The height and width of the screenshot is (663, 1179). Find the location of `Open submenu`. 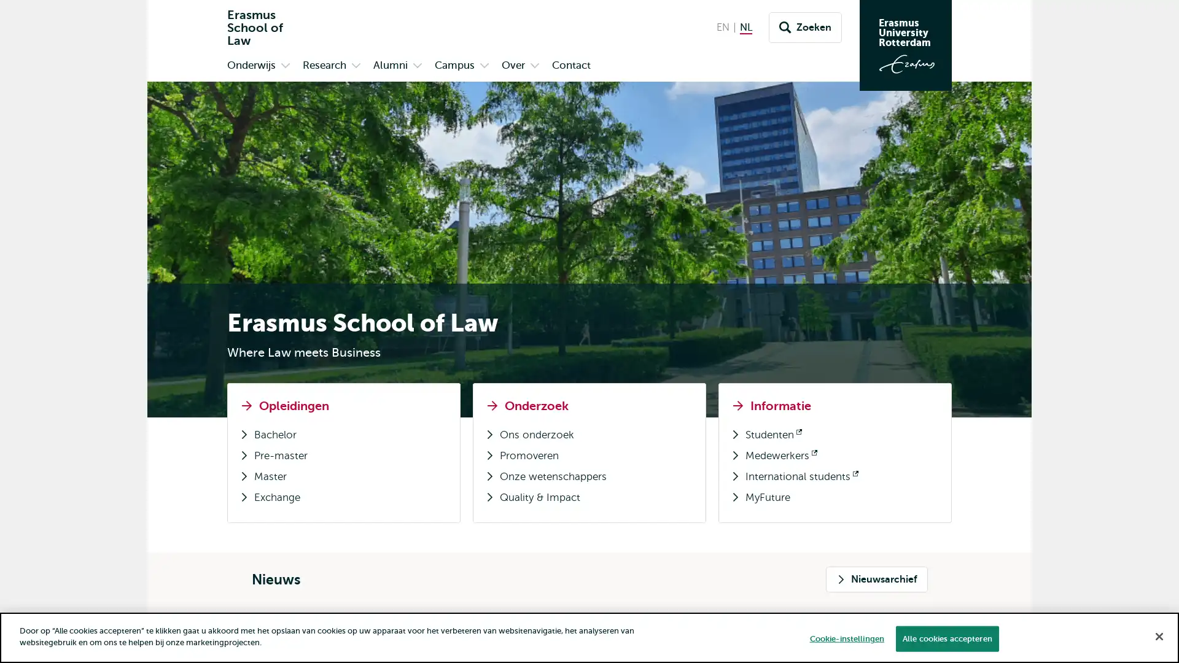

Open submenu is located at coordinates (483, 66).